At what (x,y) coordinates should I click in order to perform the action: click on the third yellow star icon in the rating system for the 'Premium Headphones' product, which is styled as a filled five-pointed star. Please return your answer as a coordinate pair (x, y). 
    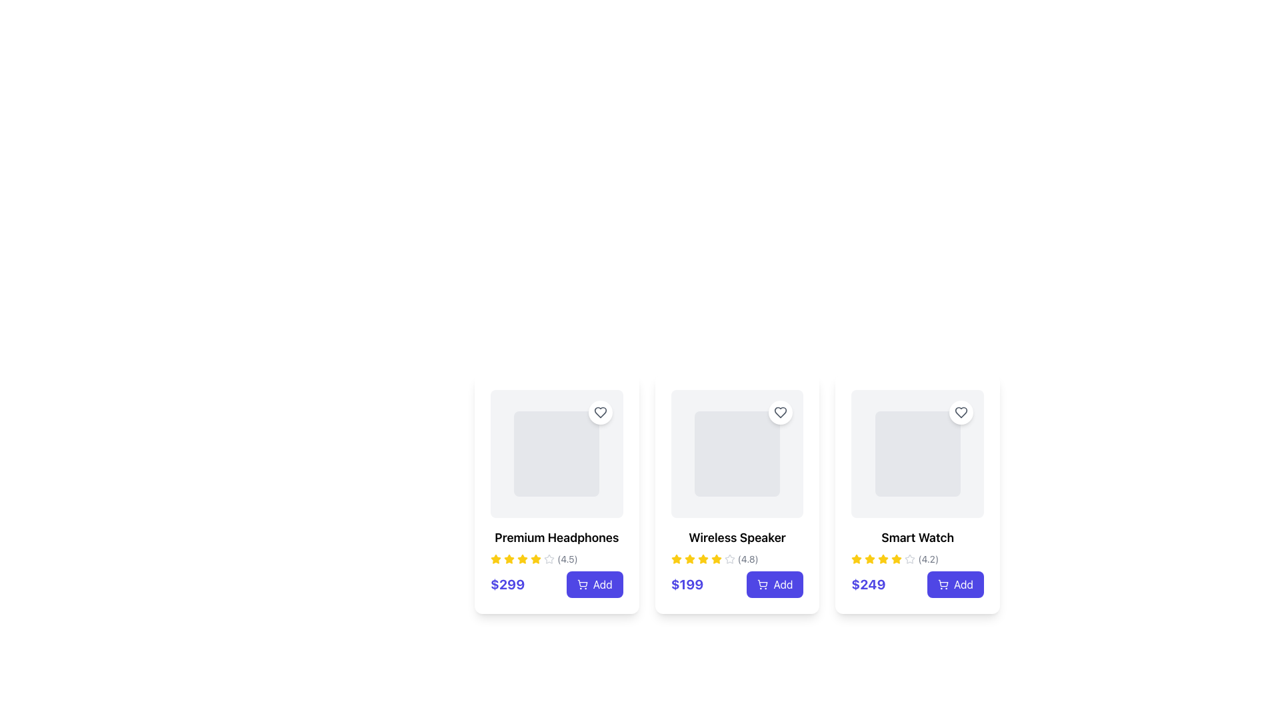
    Looking at the image, I should click on (536, 559).